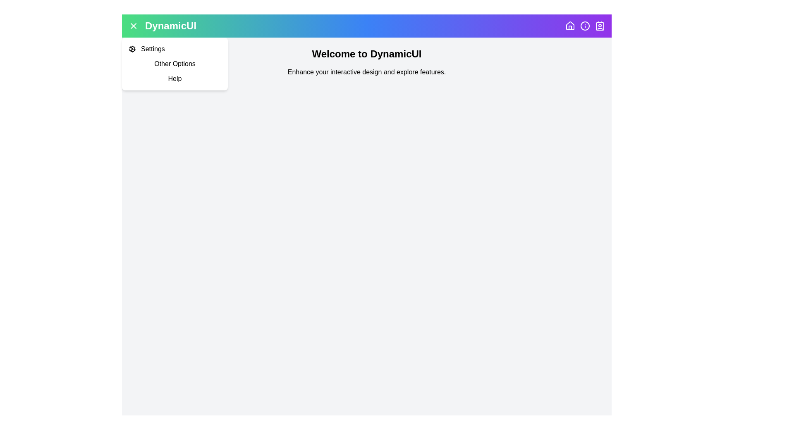 Image resolution: width=794 pixels, height=446 pixels. What do you see at coordinates (585, 25) in the screenshot?
I see `the Icon button located in the top-right corner of the interface` at bounding box center [585, 25].